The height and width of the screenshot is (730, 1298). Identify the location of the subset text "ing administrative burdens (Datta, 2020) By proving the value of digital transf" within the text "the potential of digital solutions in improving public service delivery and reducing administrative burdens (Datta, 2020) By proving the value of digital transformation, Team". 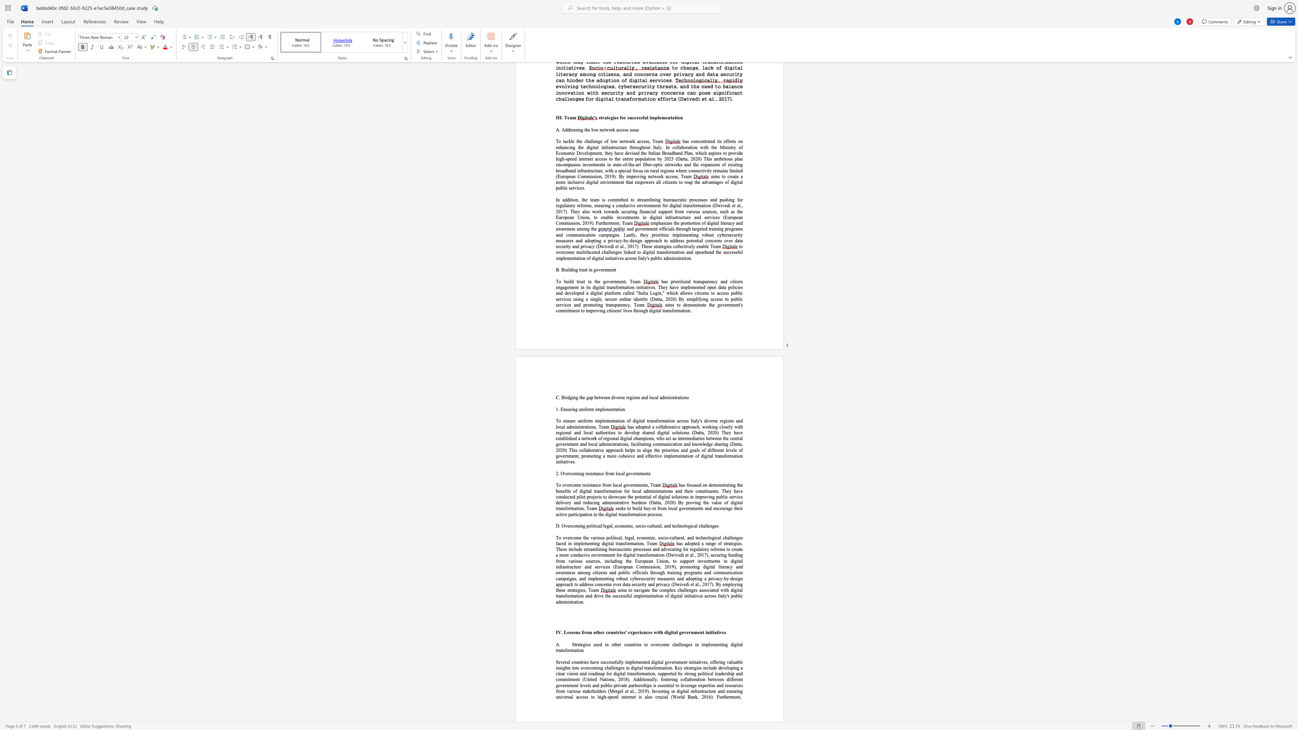
(593, 502).